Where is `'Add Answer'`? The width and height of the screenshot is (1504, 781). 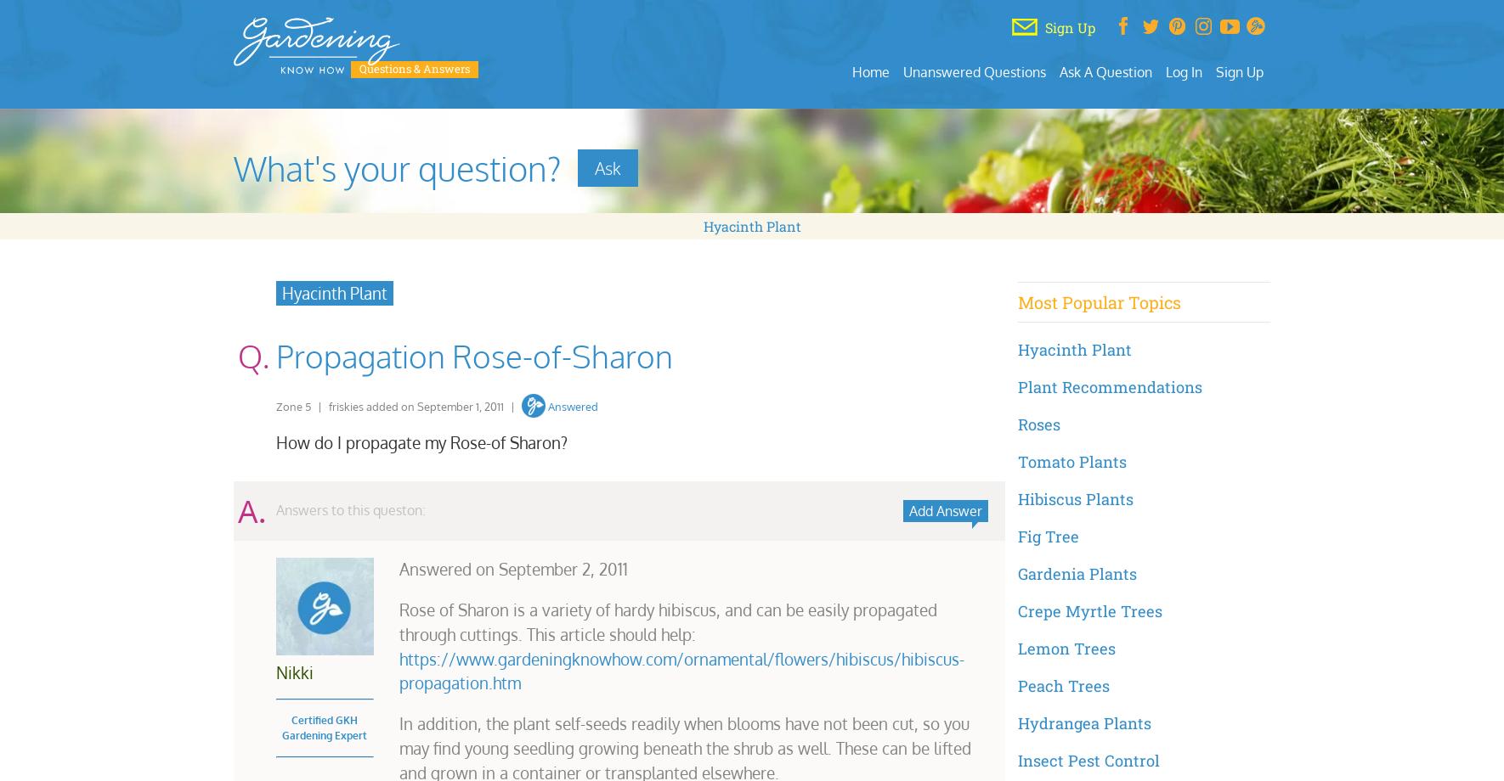 'Add Answer' is located at coordinates (944, 509).